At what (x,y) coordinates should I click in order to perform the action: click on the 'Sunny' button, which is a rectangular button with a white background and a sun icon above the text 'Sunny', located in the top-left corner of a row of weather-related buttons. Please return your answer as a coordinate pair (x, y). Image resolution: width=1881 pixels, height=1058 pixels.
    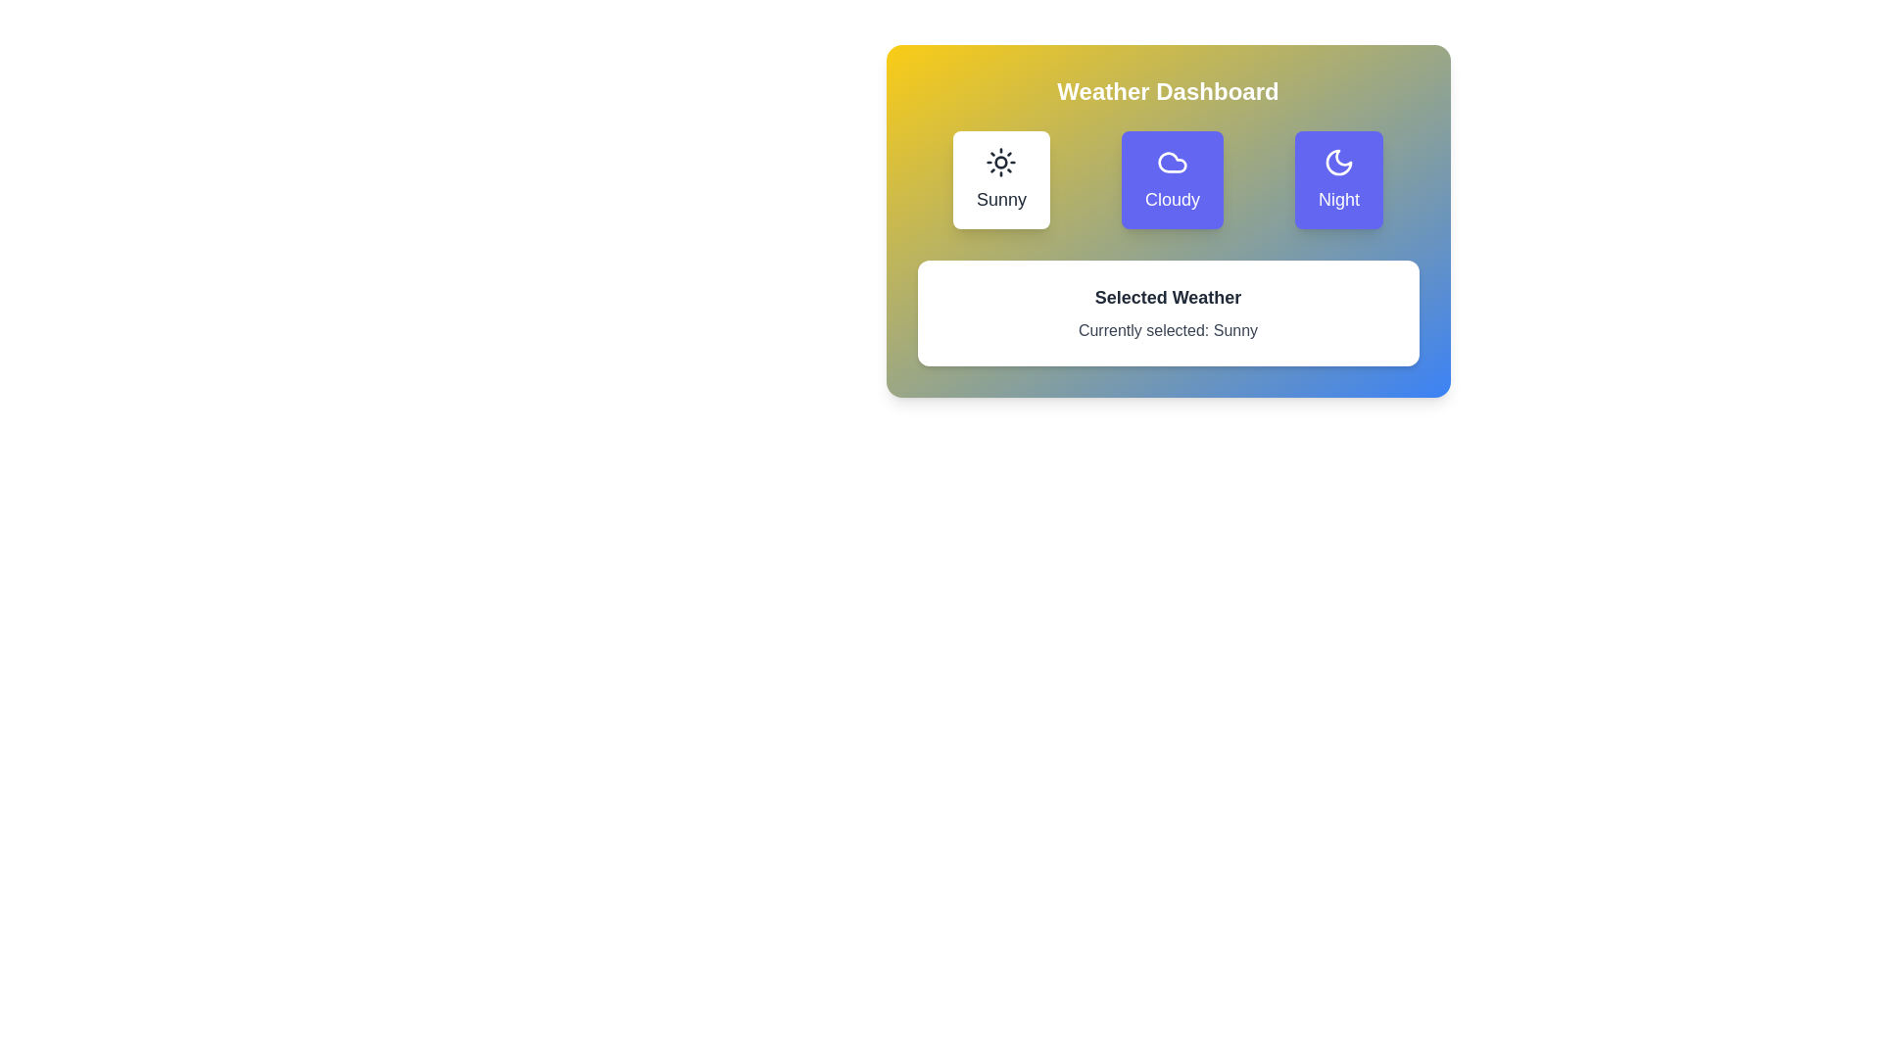
    Looking at the image, I should click on (1001, 180).